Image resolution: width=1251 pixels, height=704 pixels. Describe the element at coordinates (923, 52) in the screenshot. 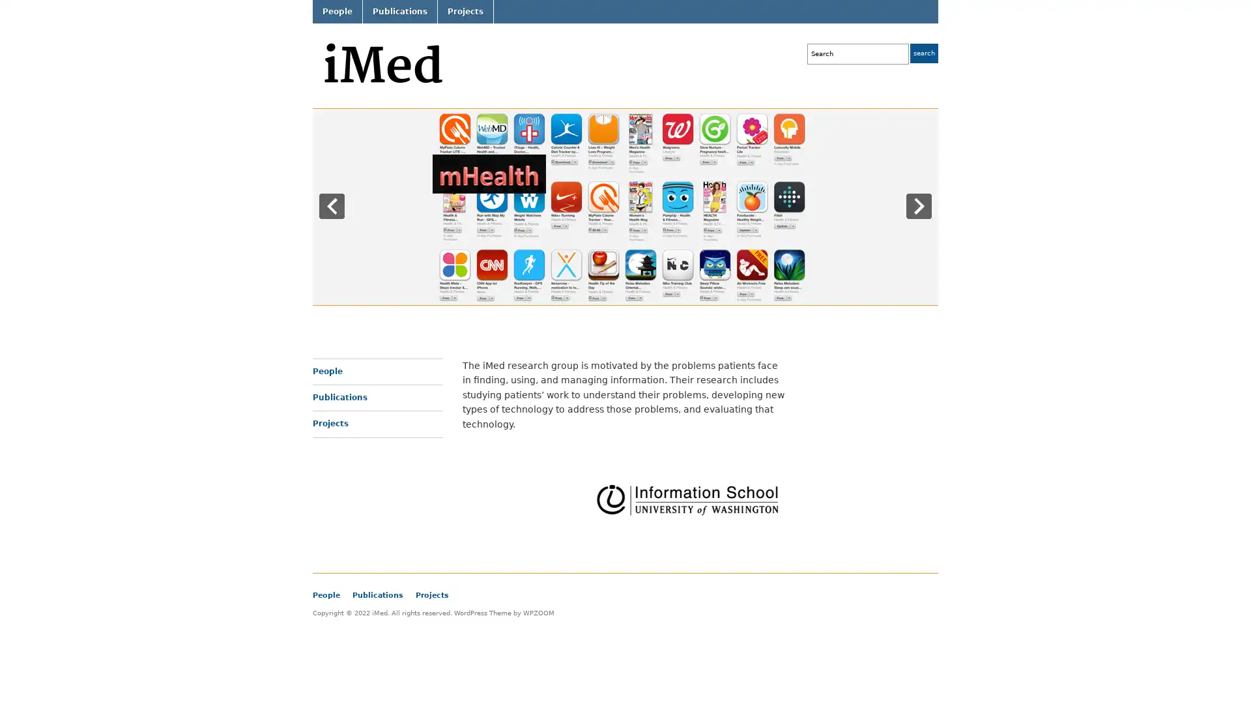

I see `Search` at that location.